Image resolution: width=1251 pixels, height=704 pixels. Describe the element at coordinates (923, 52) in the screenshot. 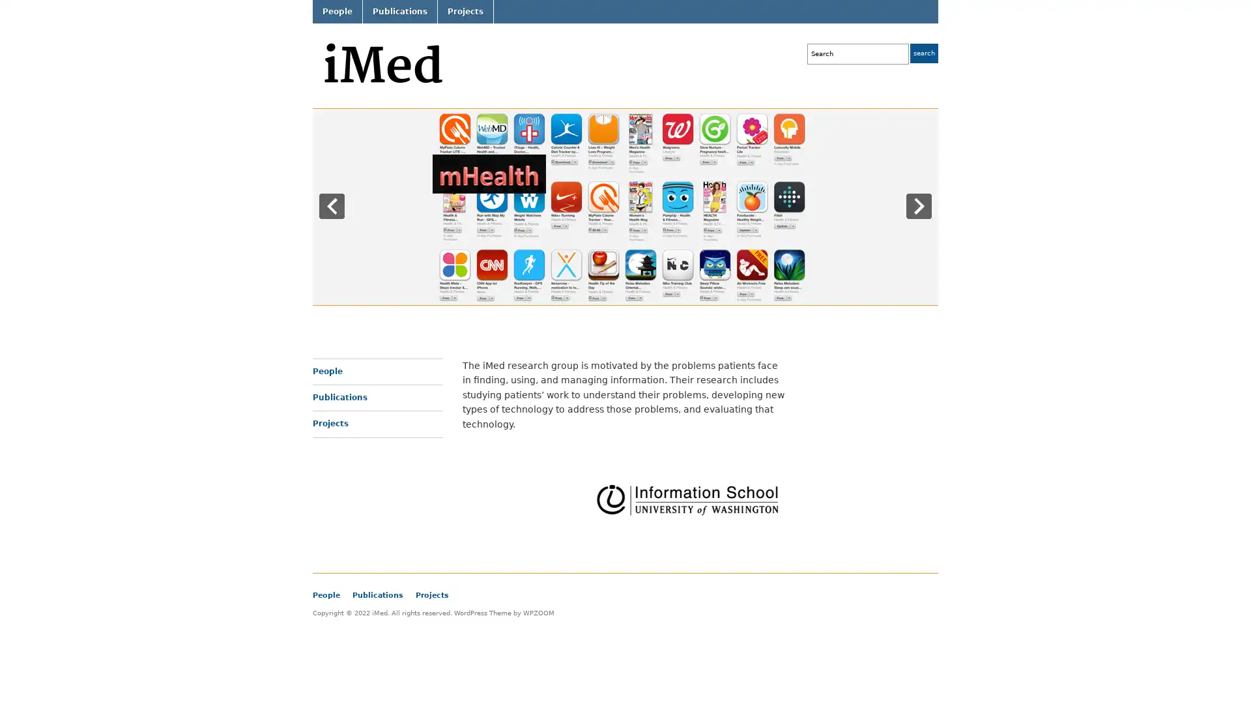

I see `Search` at that location.